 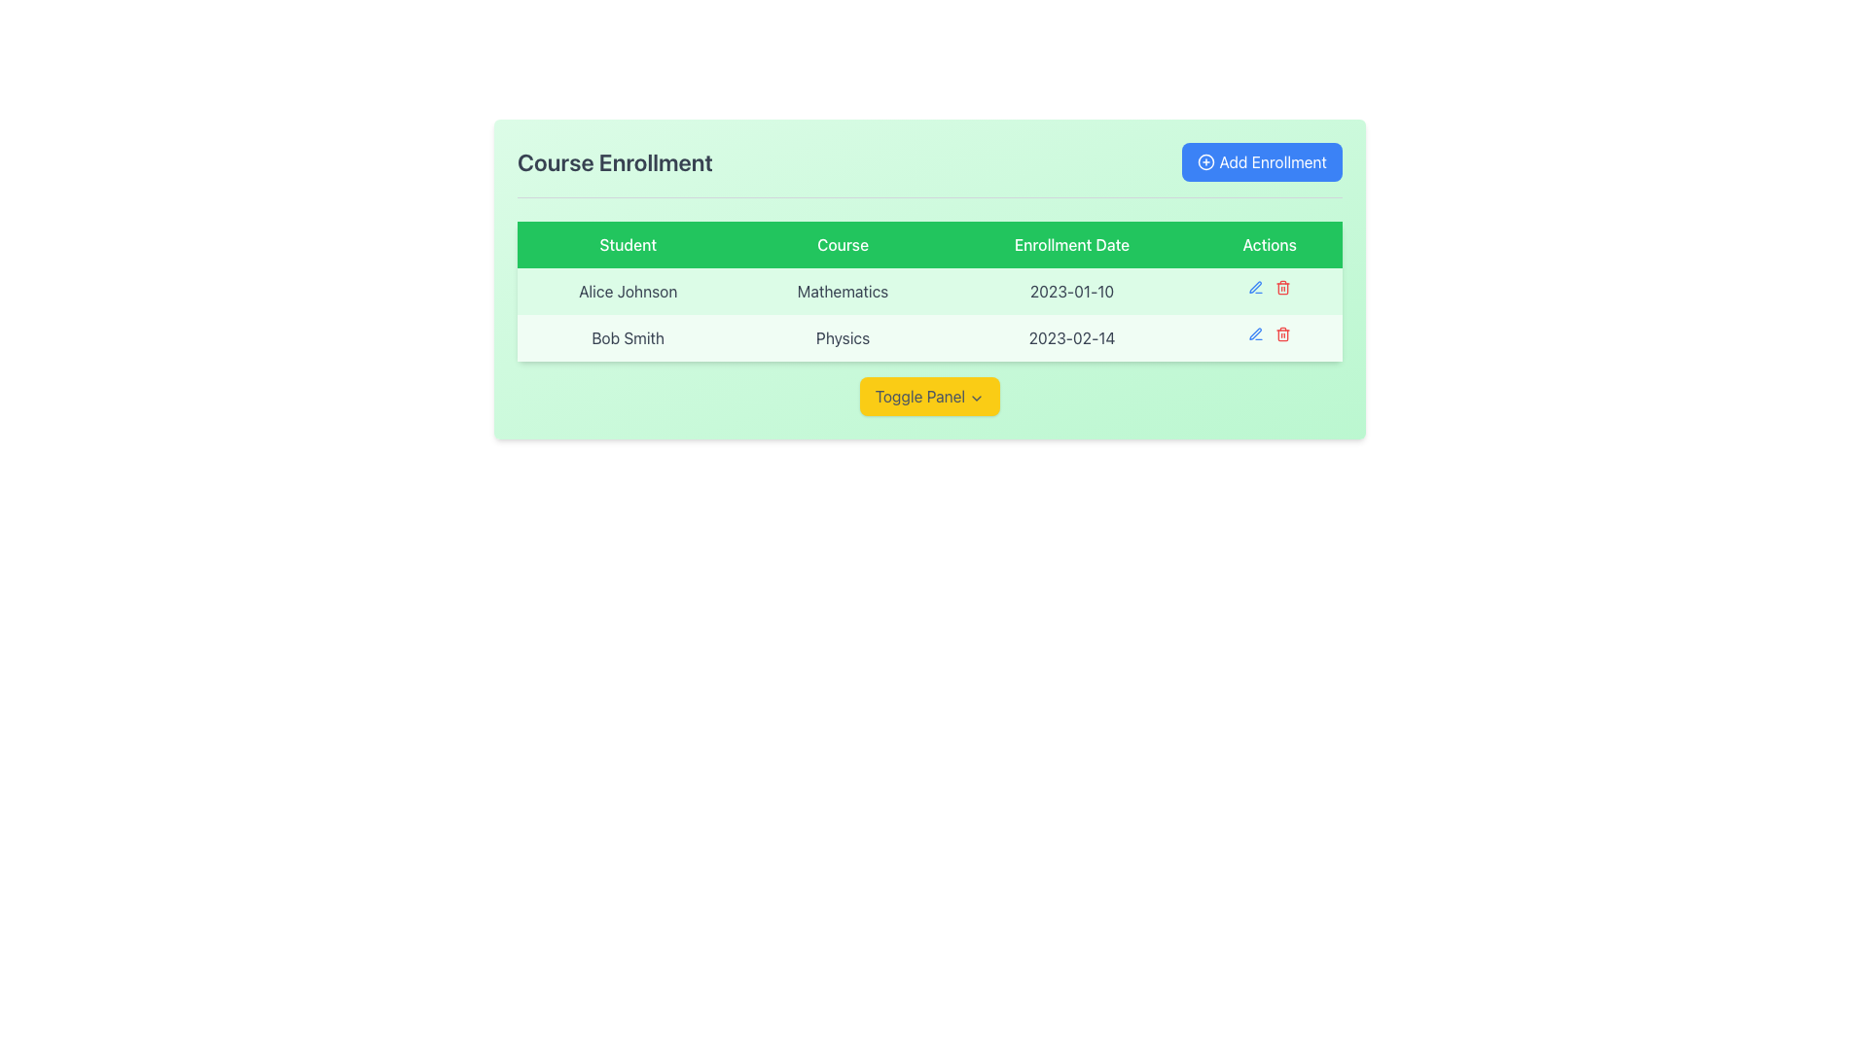 What do you see at coordinates (928, 396) in the screenshot?
I see `the 'Toggle Panel' button, which is a rectangular button with a yellow background and rounded corners, located near the bottom of the course enrollment table` at bounding box center [928, 396].